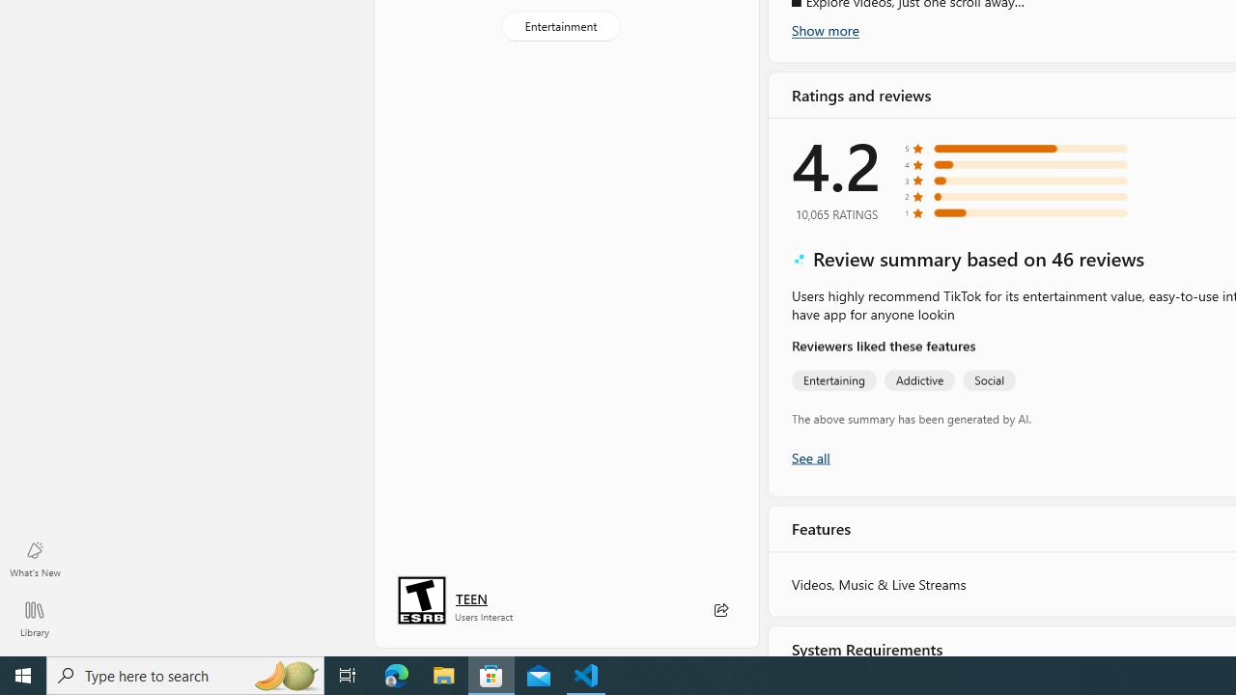 The width and height of the screenshot is (1236, 695). Describe the element at coordinates (810, 457) in the screenshot. I see `'Show all ratings and reviews'` at that location.